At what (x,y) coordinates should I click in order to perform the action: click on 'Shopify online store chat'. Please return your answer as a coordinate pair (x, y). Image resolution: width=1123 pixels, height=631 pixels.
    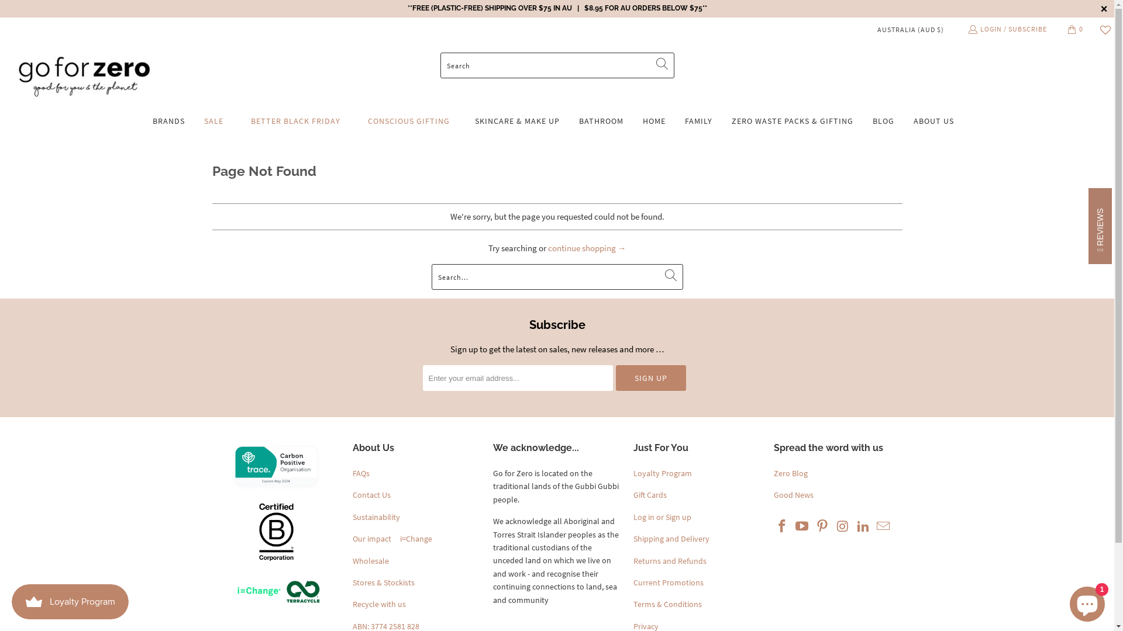
    Looking at the image, I should click on (1066, 601).